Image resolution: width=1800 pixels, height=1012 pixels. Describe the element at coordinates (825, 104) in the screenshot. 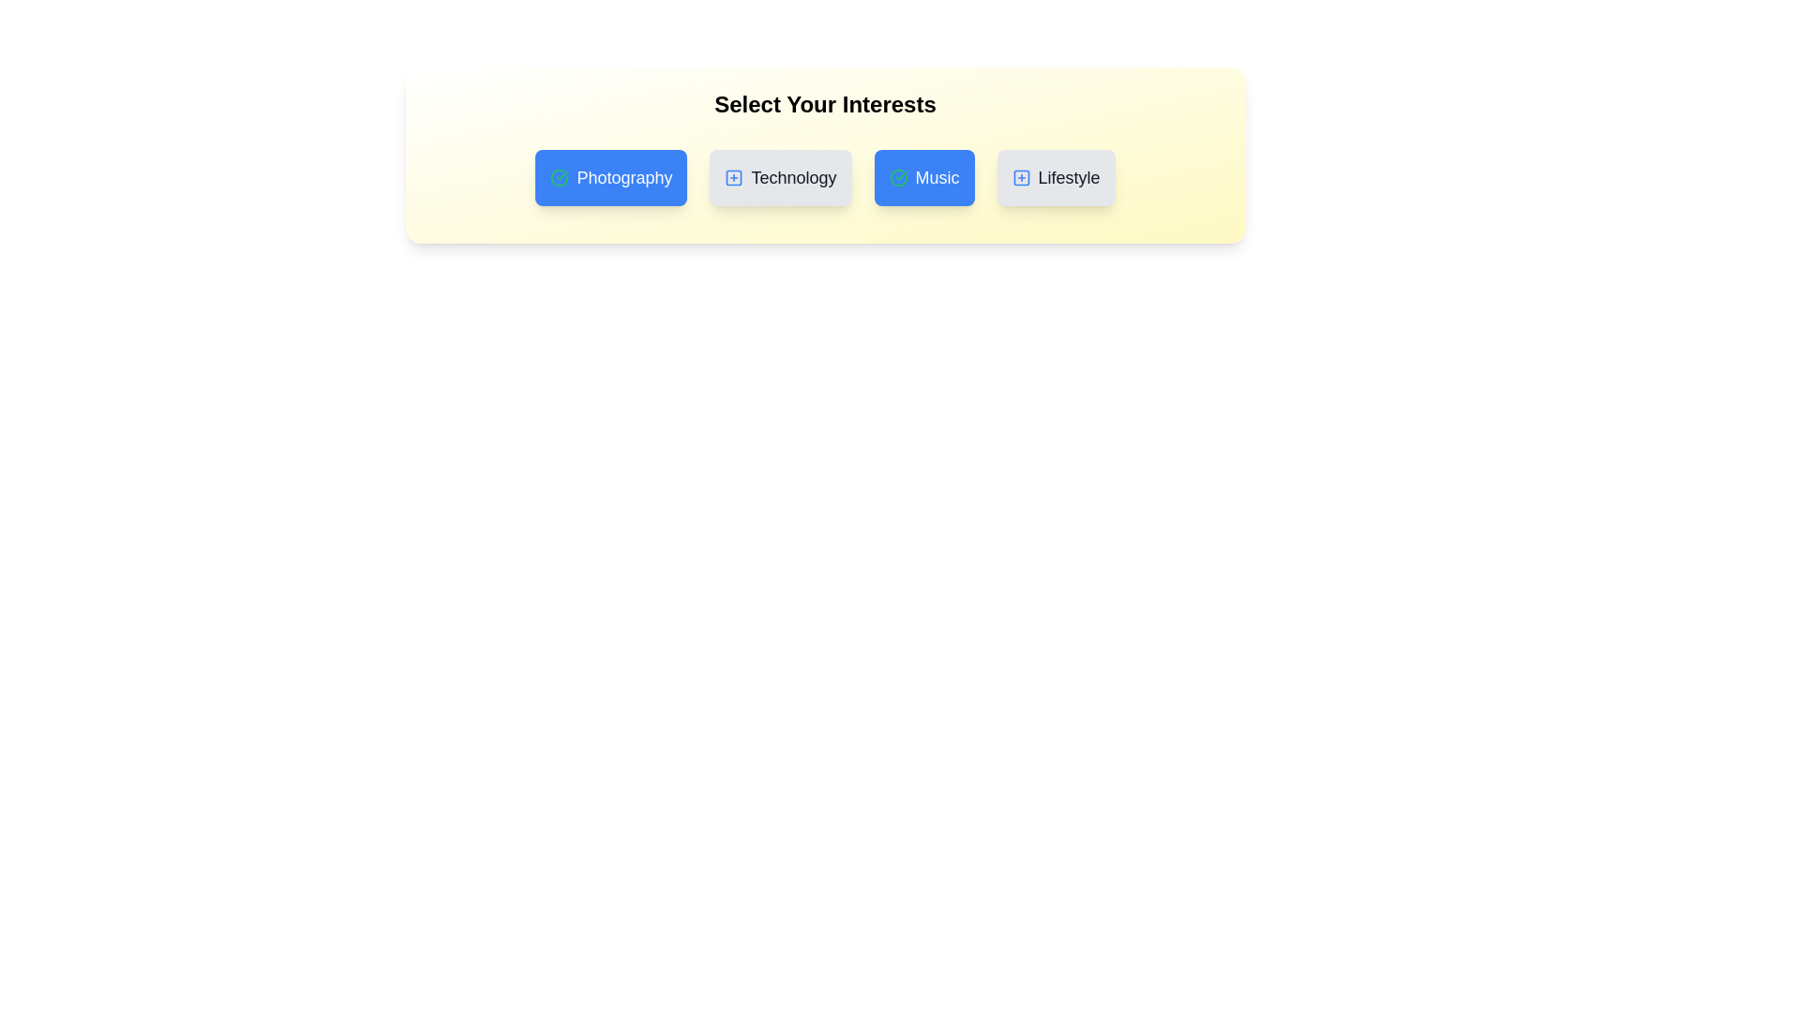

I see `the title text 'Select Your Interests' and copy it to the clipboard` at that location.